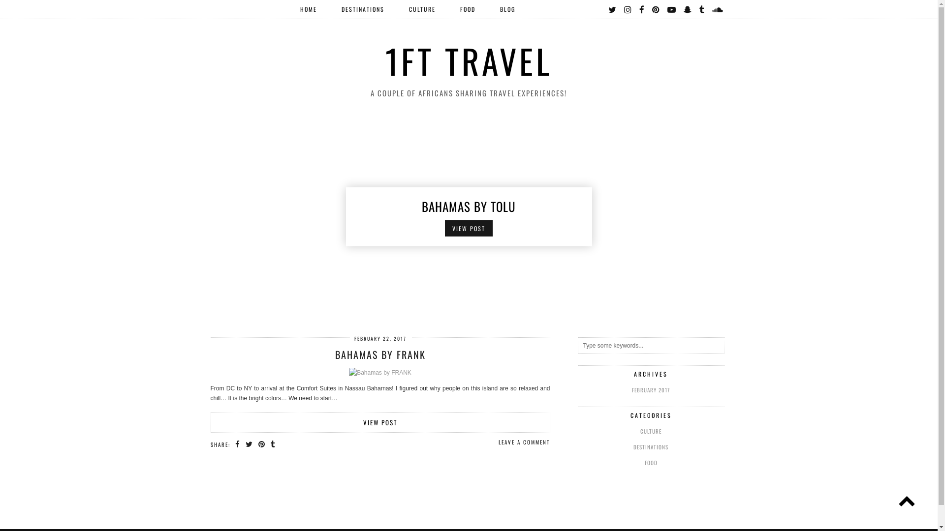 The width and height of the screenshot is (945, 531). I want to click on 'facebook', so click(642, 9).